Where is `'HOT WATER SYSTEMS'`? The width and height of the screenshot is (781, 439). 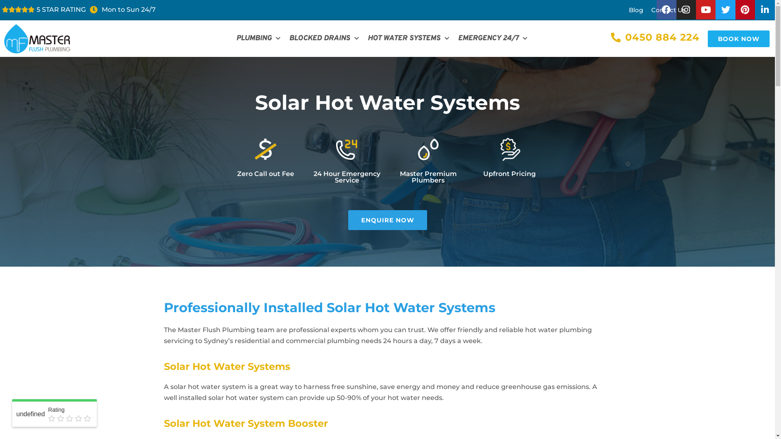
'HOT WATER SYSTEMS' is located at coordinates (408, 39).